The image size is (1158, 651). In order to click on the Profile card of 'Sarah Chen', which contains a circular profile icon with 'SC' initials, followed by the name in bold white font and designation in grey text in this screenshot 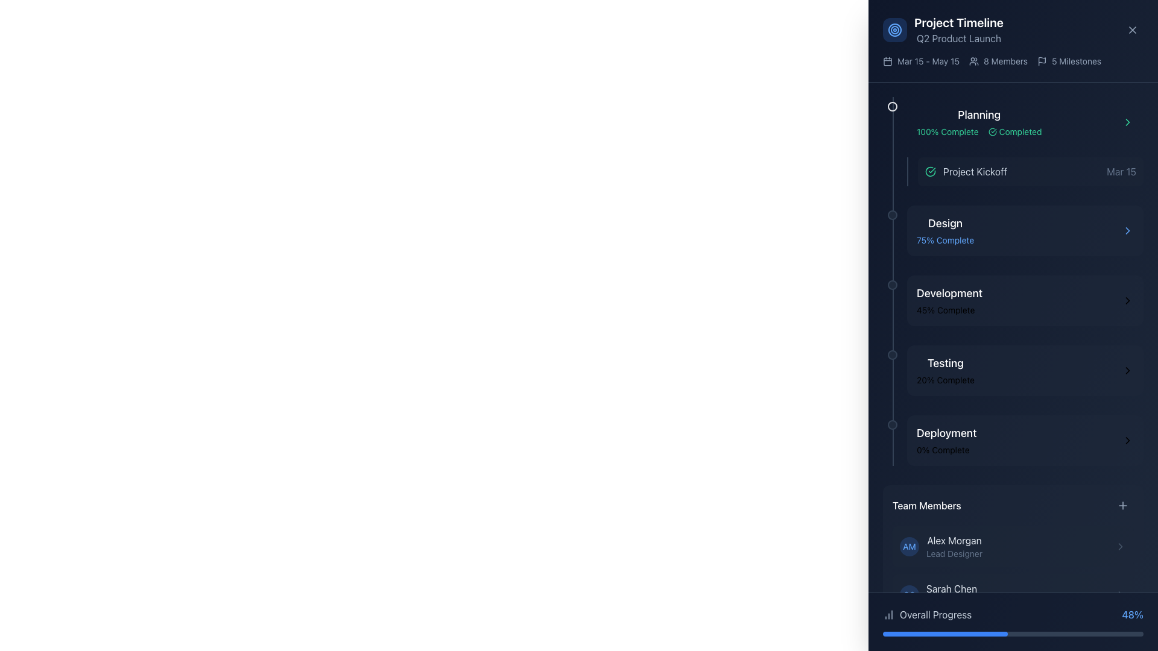, I will do `click(937, 594)`.